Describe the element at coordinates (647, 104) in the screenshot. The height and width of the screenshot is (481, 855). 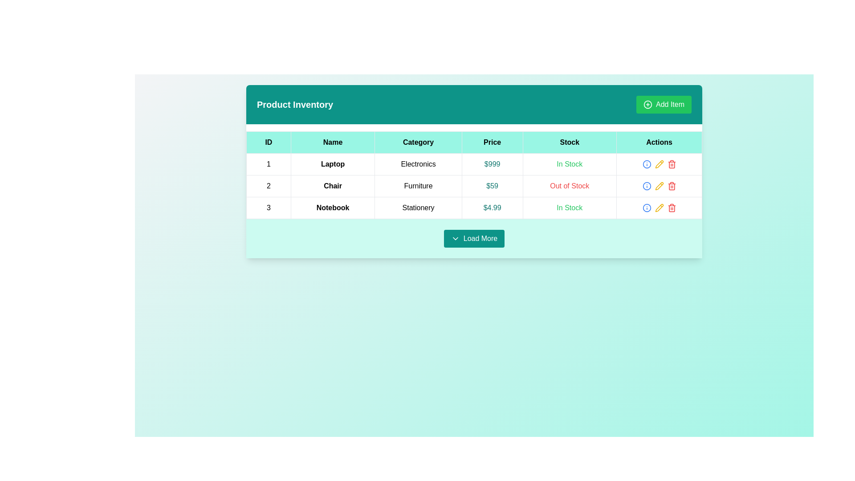
I see `the icon within the 'Add Item' button located at the top-right corner of the interface, which serves as a visual cue for adding new items` at that location.